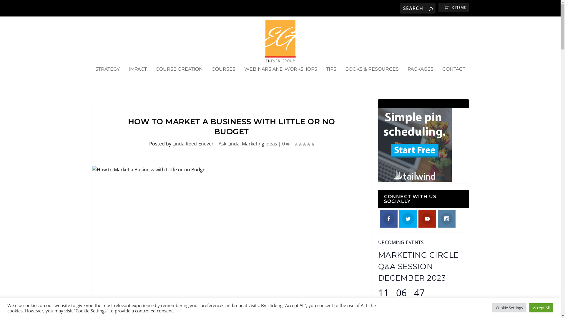 The height and width of the screenshot is (318, 565). I want to click on 'PACKAGES', so click(420, 77).